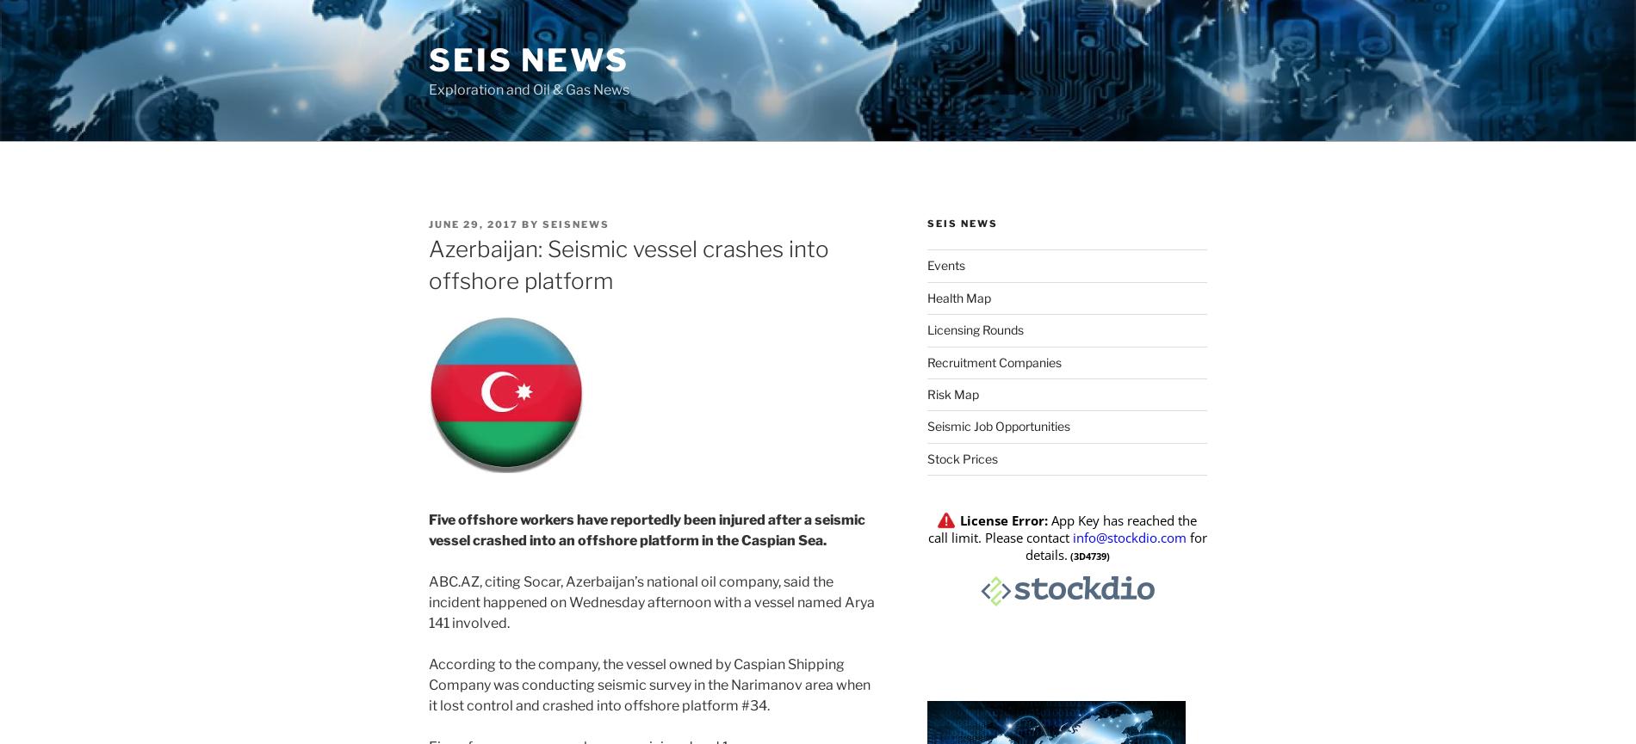 The height and width of the screenshot is (744, 1636). Describe the element at coordinates (529, 89) in the screenshot. I see `'Exploration and Oil & Gas News'` at that location.